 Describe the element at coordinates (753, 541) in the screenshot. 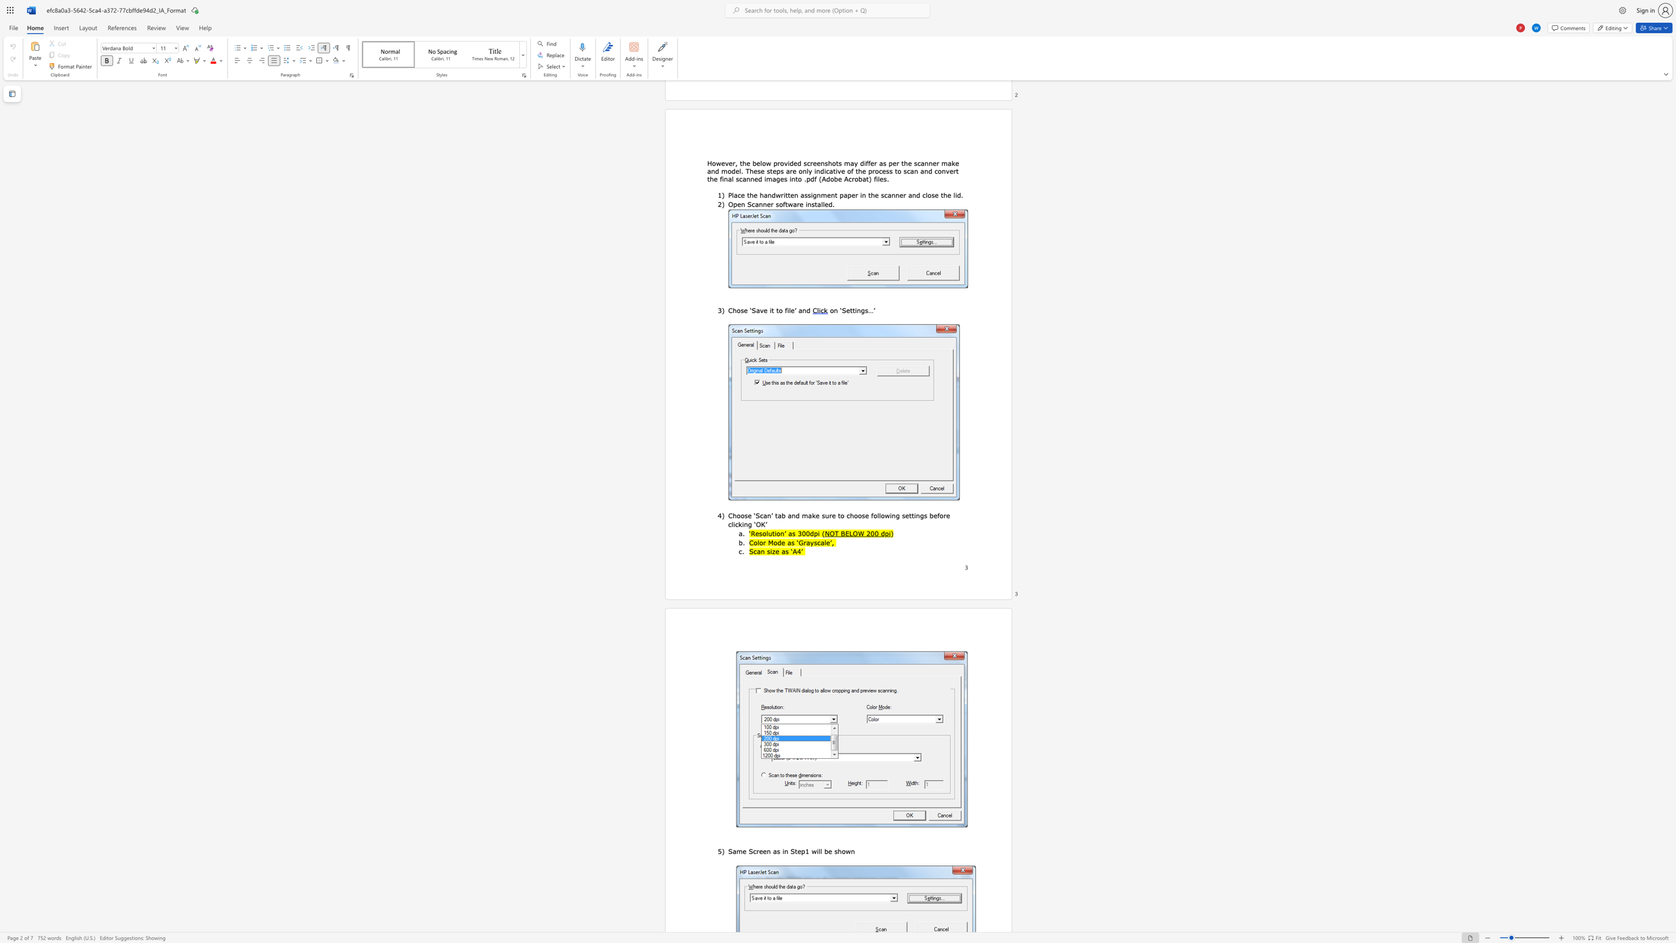

I see `the subset text "olor Mod" within the text "Color Mode as ‘"` at that location.